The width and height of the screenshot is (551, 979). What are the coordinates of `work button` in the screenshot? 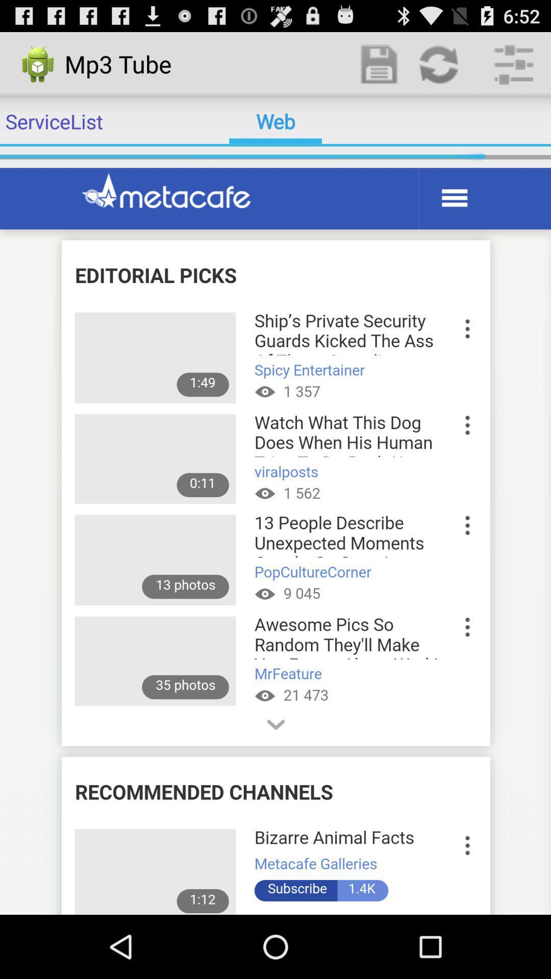 It's located at (380, 63).